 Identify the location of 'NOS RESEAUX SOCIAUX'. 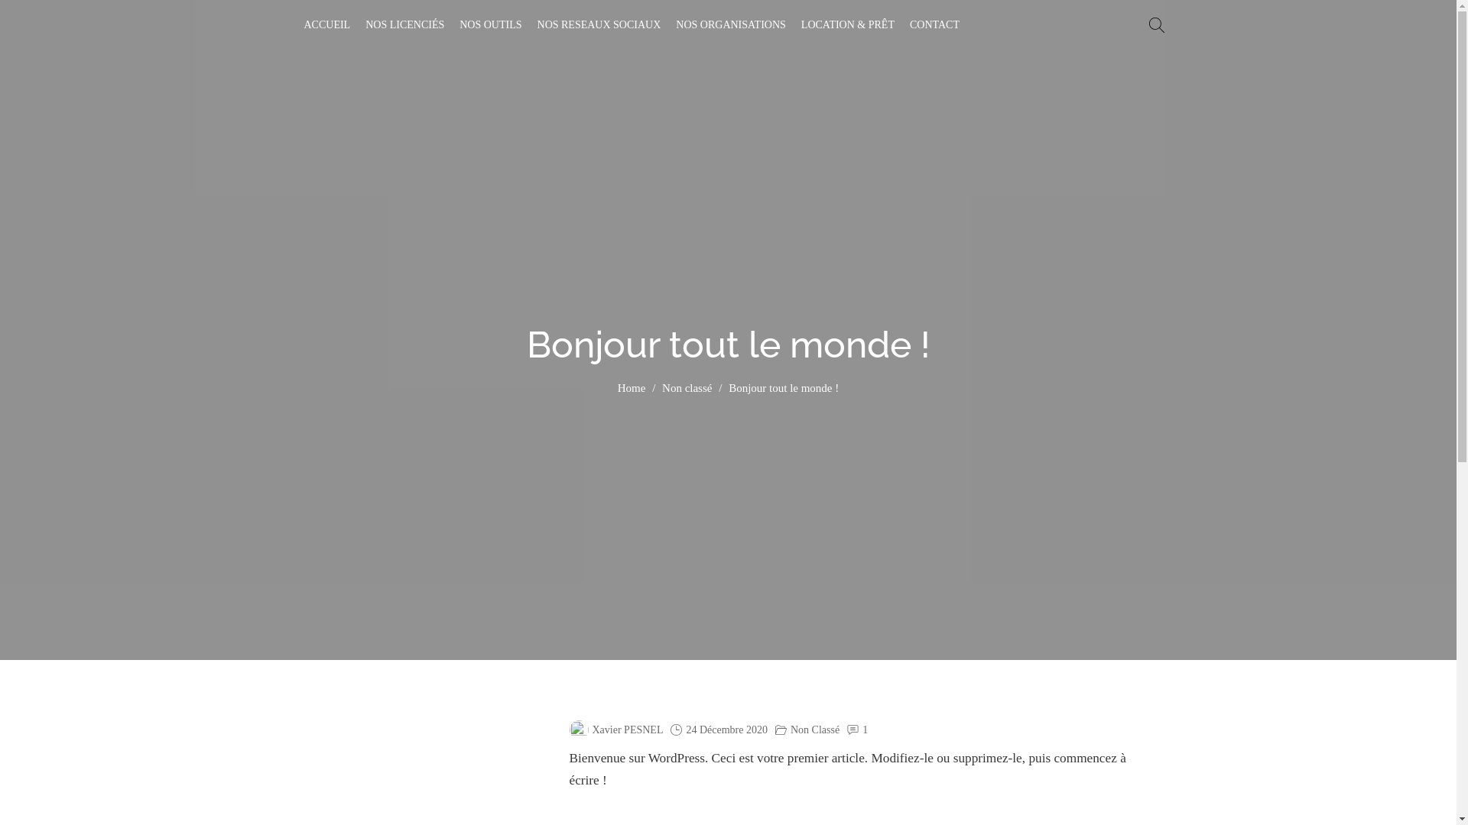
(598, 25).